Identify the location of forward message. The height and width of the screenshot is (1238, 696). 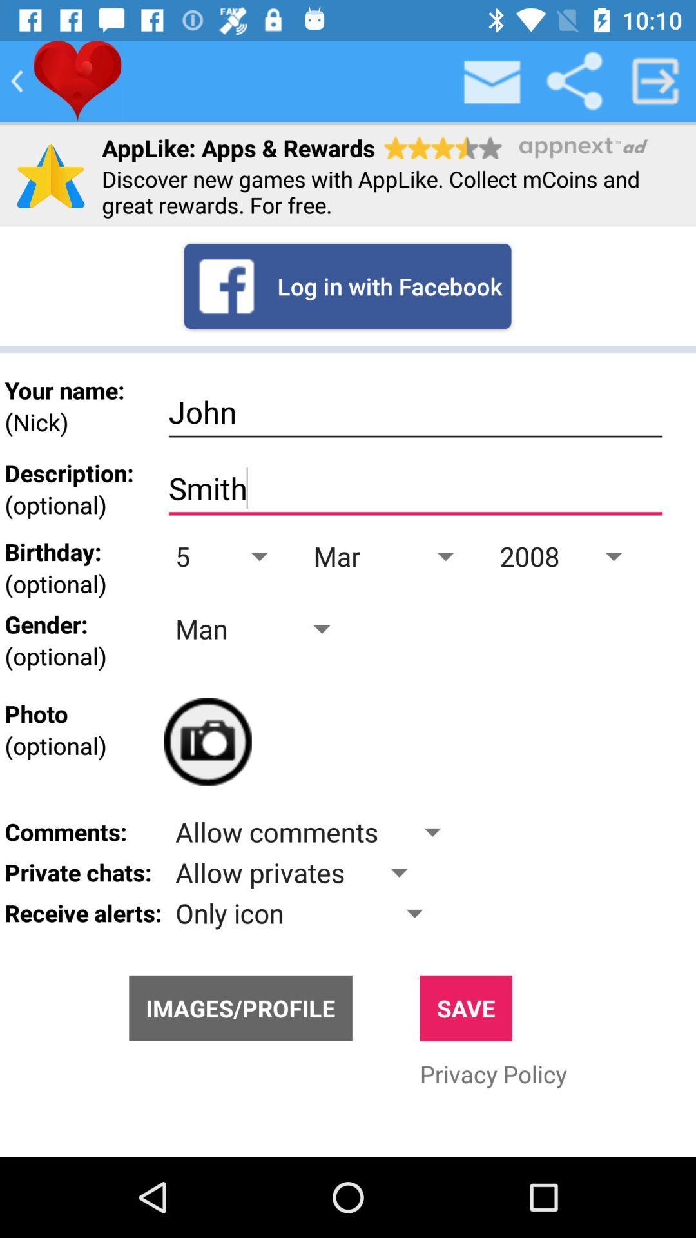
(655, 80).